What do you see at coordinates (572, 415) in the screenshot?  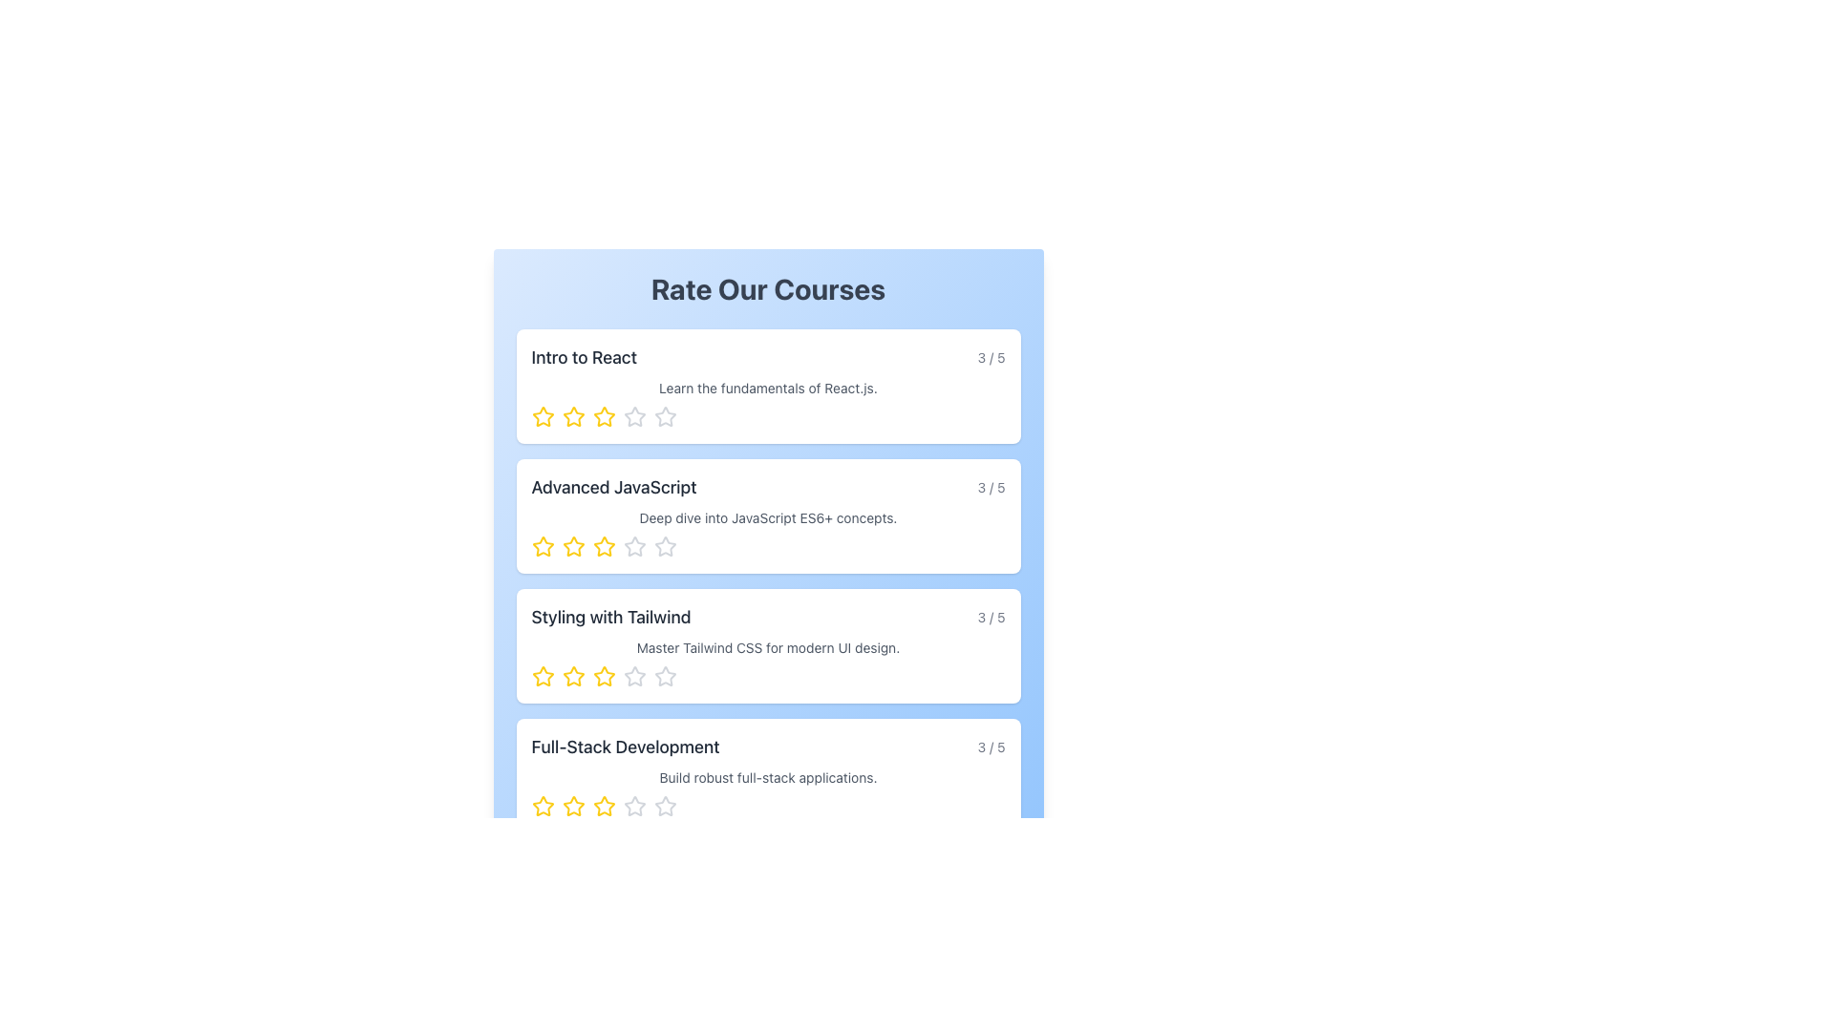 I see `the second star in the Star Rating Icon group to assign a 2-star rating for the 'Intro to React' course` at bounding box center [572, 415].